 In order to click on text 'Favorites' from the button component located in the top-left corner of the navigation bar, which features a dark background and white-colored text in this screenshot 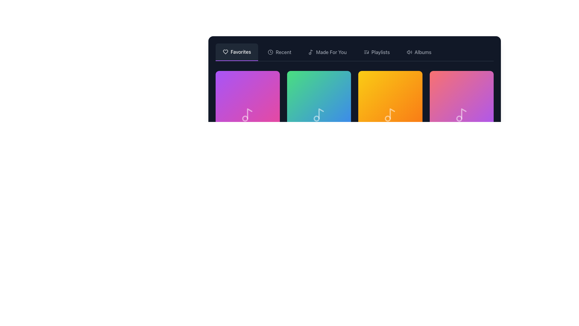, I will do `click(240, 52)`.